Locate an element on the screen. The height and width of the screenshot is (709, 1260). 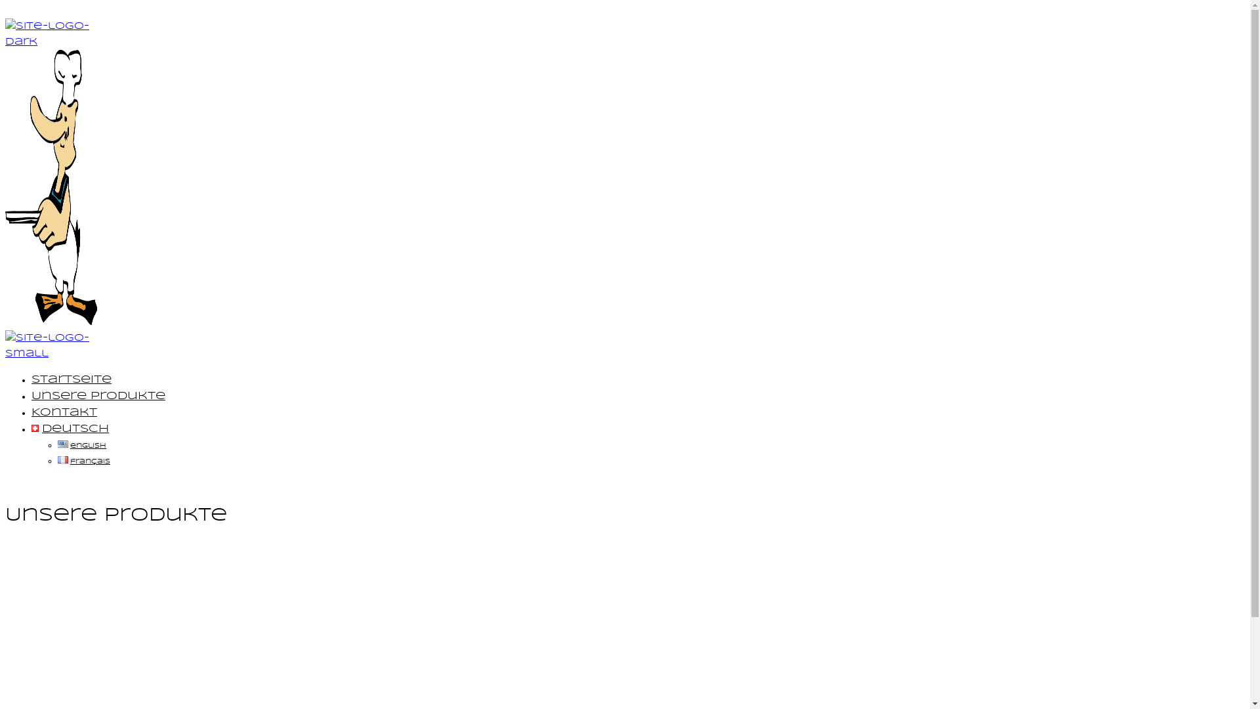
'Deutsch' is located at coordinates (69, 429).